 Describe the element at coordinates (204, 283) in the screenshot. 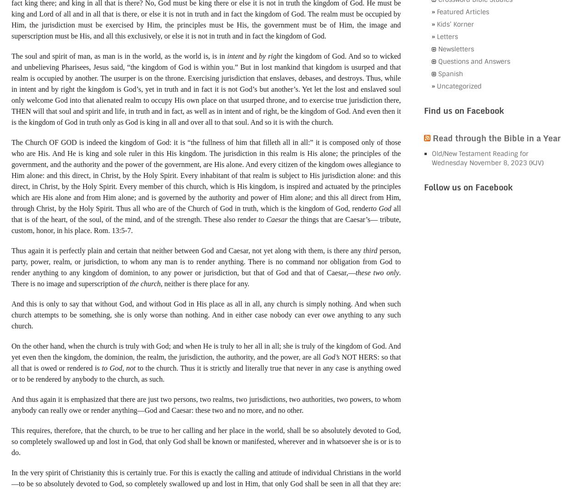

I see `', neither is there place for any.'` at that location.